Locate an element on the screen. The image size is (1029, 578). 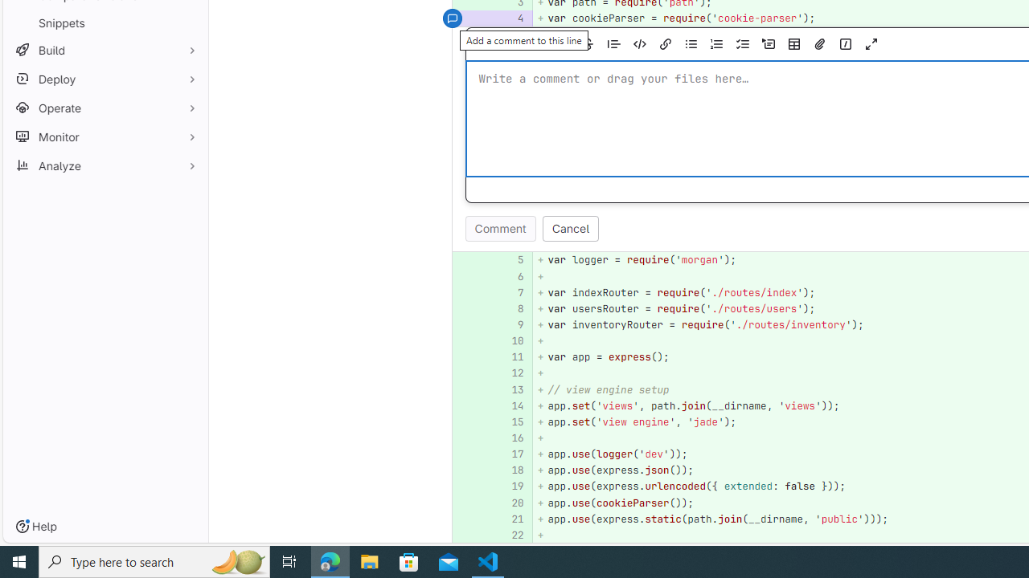
'9' is located at coordinates (511, 325).